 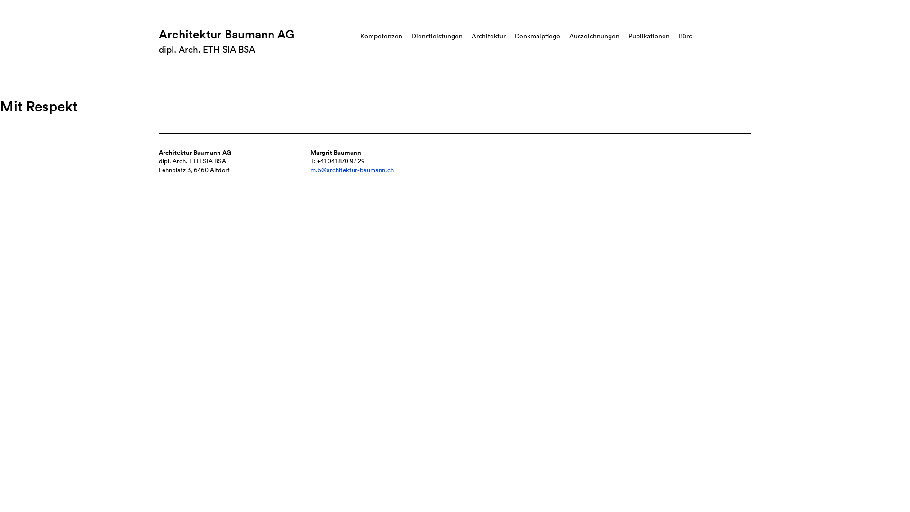 What do you see at coordinates (537, 36) in the screenshot?
I see `'Denkmalpflege'` at bounding box center [537, 36].